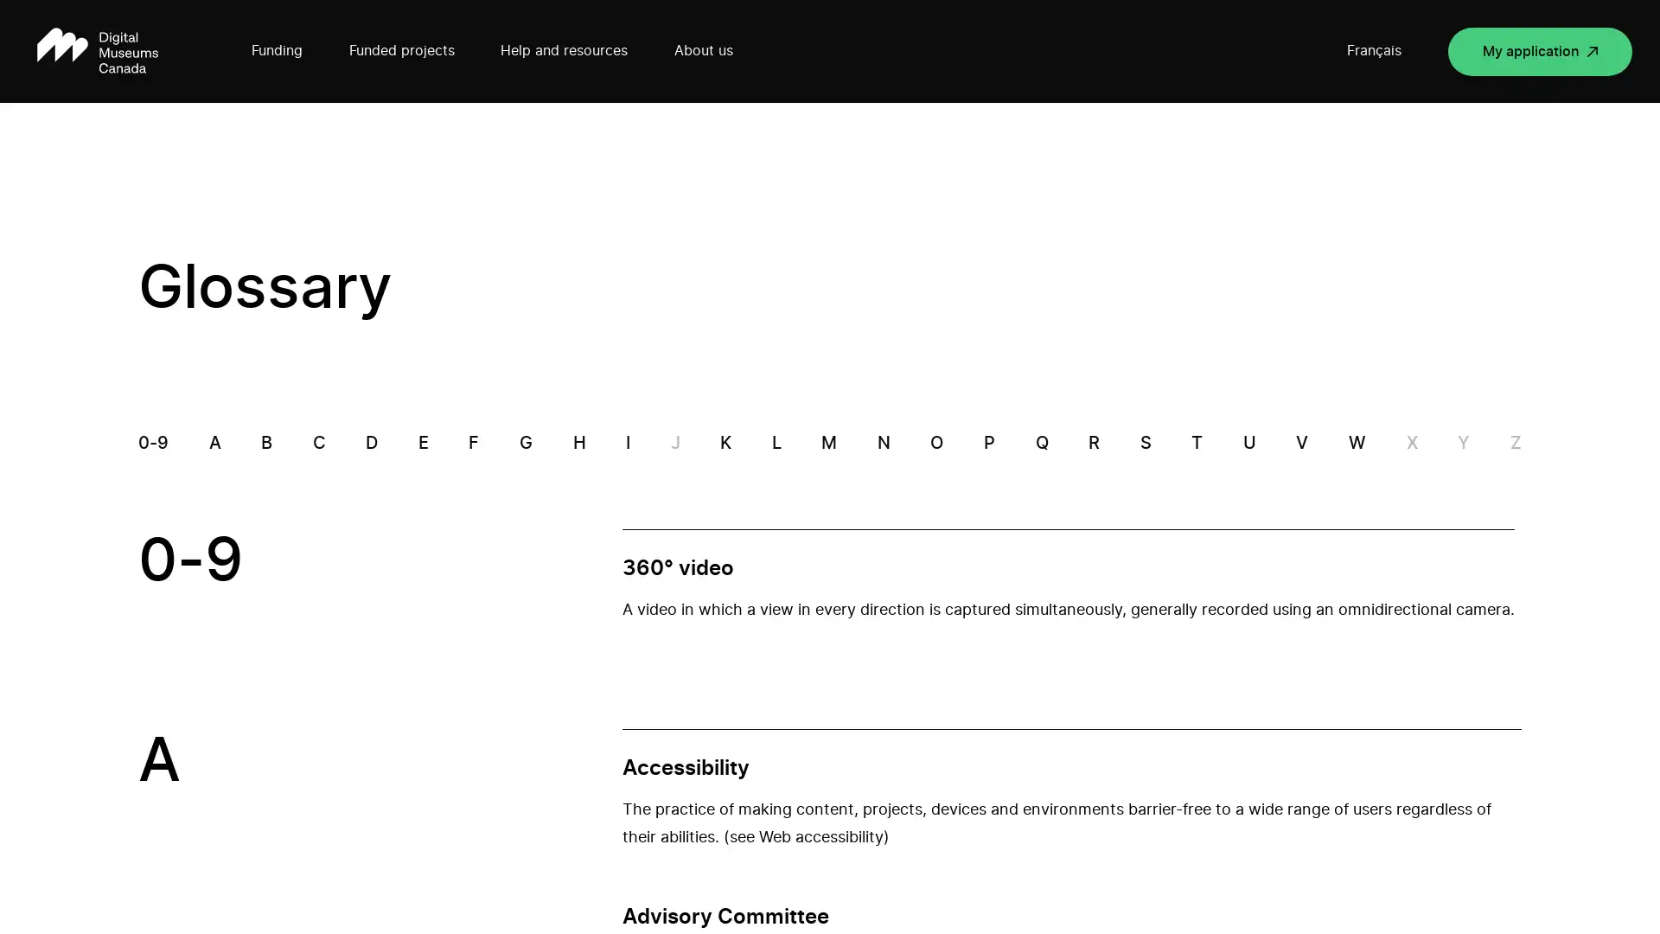 Image resolution: width=1660 pixels, height=934 pixels. What do you see at coordinates (473, 443) in the screenshot?
I see `F` at bounding box center [473, 443].